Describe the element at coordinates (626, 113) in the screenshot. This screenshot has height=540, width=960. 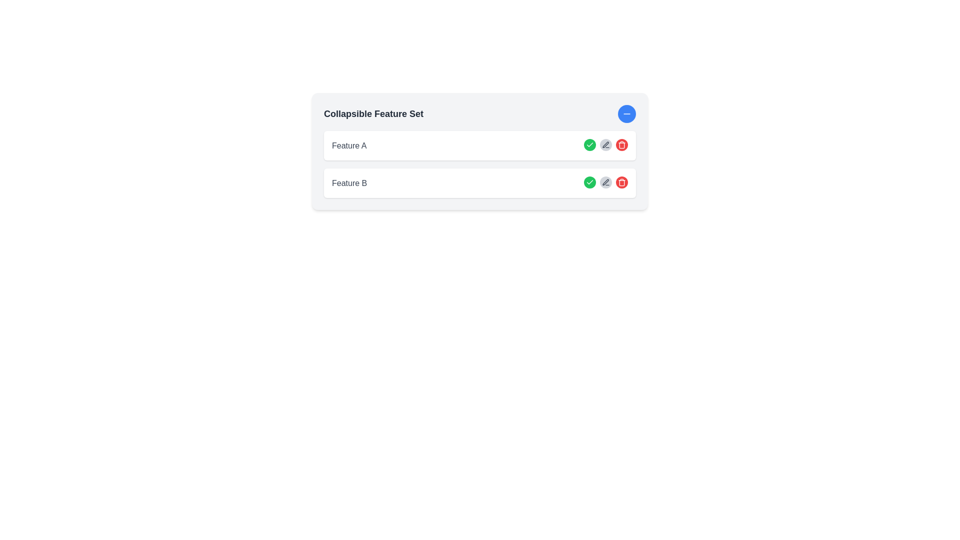
I see `the Icon button, which is a blue circular button with a minus icon for collapsing the 'Collapsible Feature Set' section, located in the top-right corner of the interface` at that location.